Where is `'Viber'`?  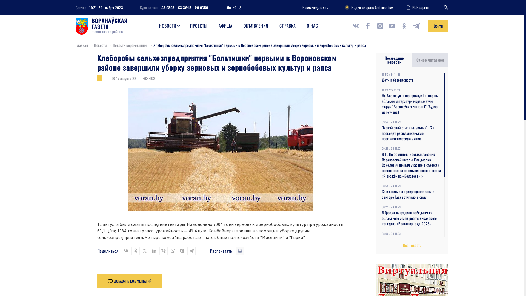 'Viber' is located at coordinates (159, 251).